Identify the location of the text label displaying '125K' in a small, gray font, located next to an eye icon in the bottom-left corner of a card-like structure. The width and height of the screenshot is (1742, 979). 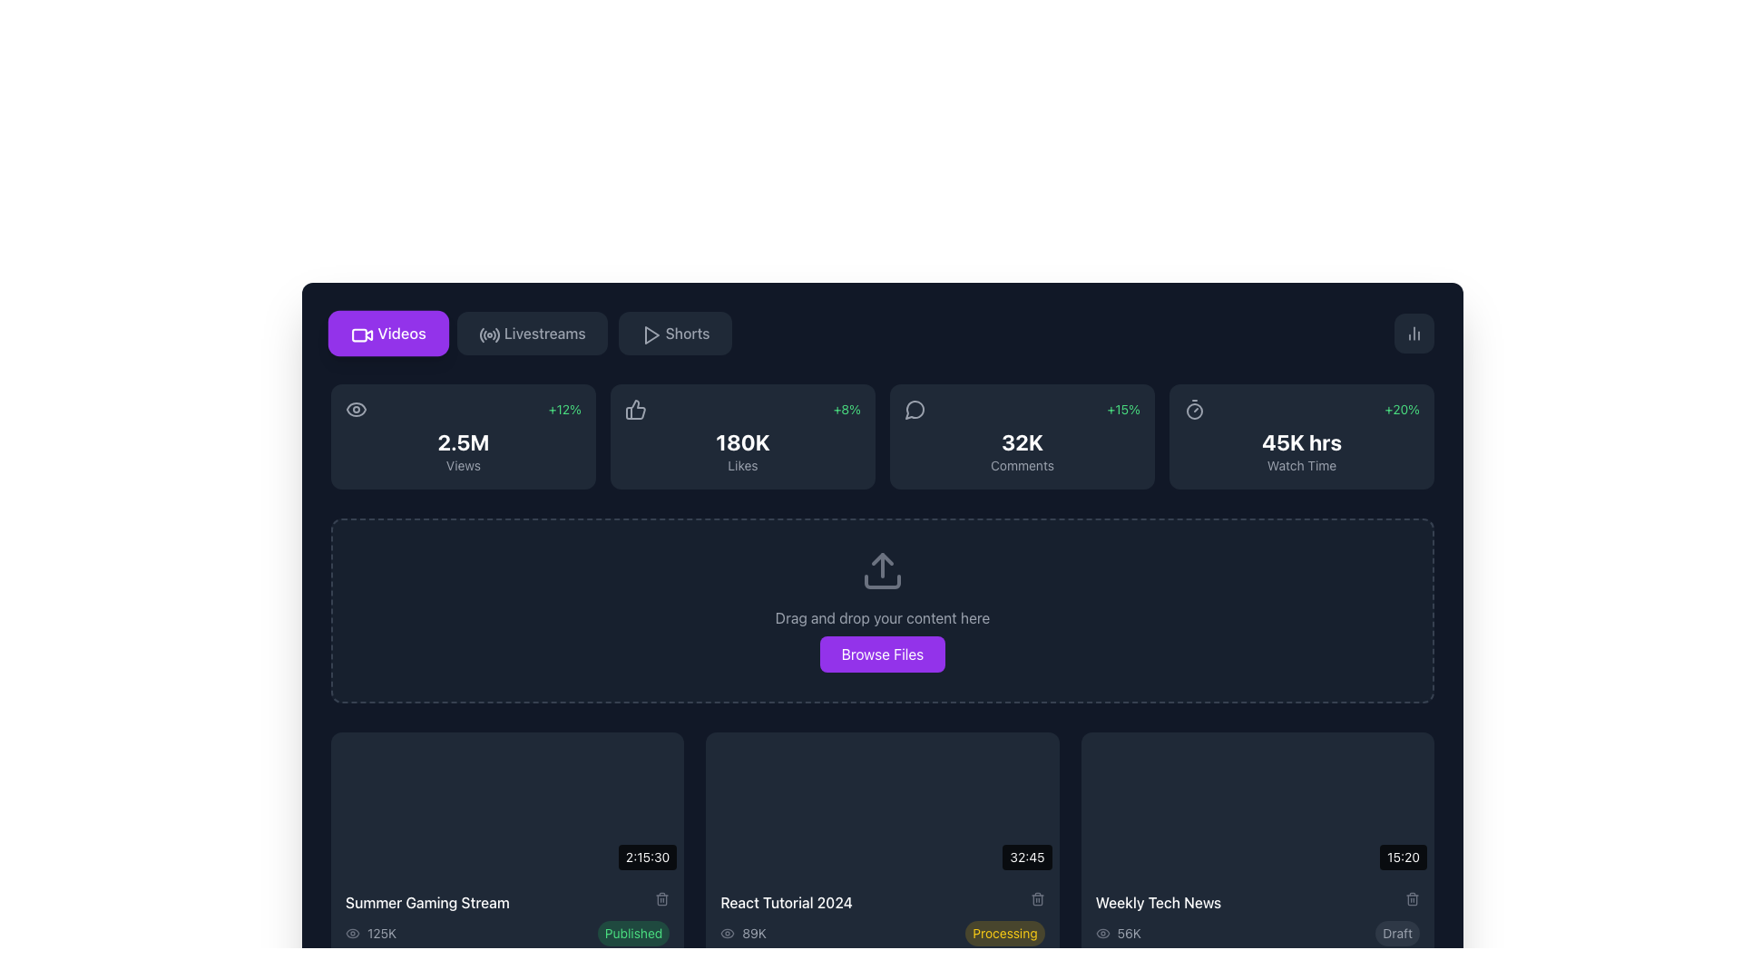
(381, 933).